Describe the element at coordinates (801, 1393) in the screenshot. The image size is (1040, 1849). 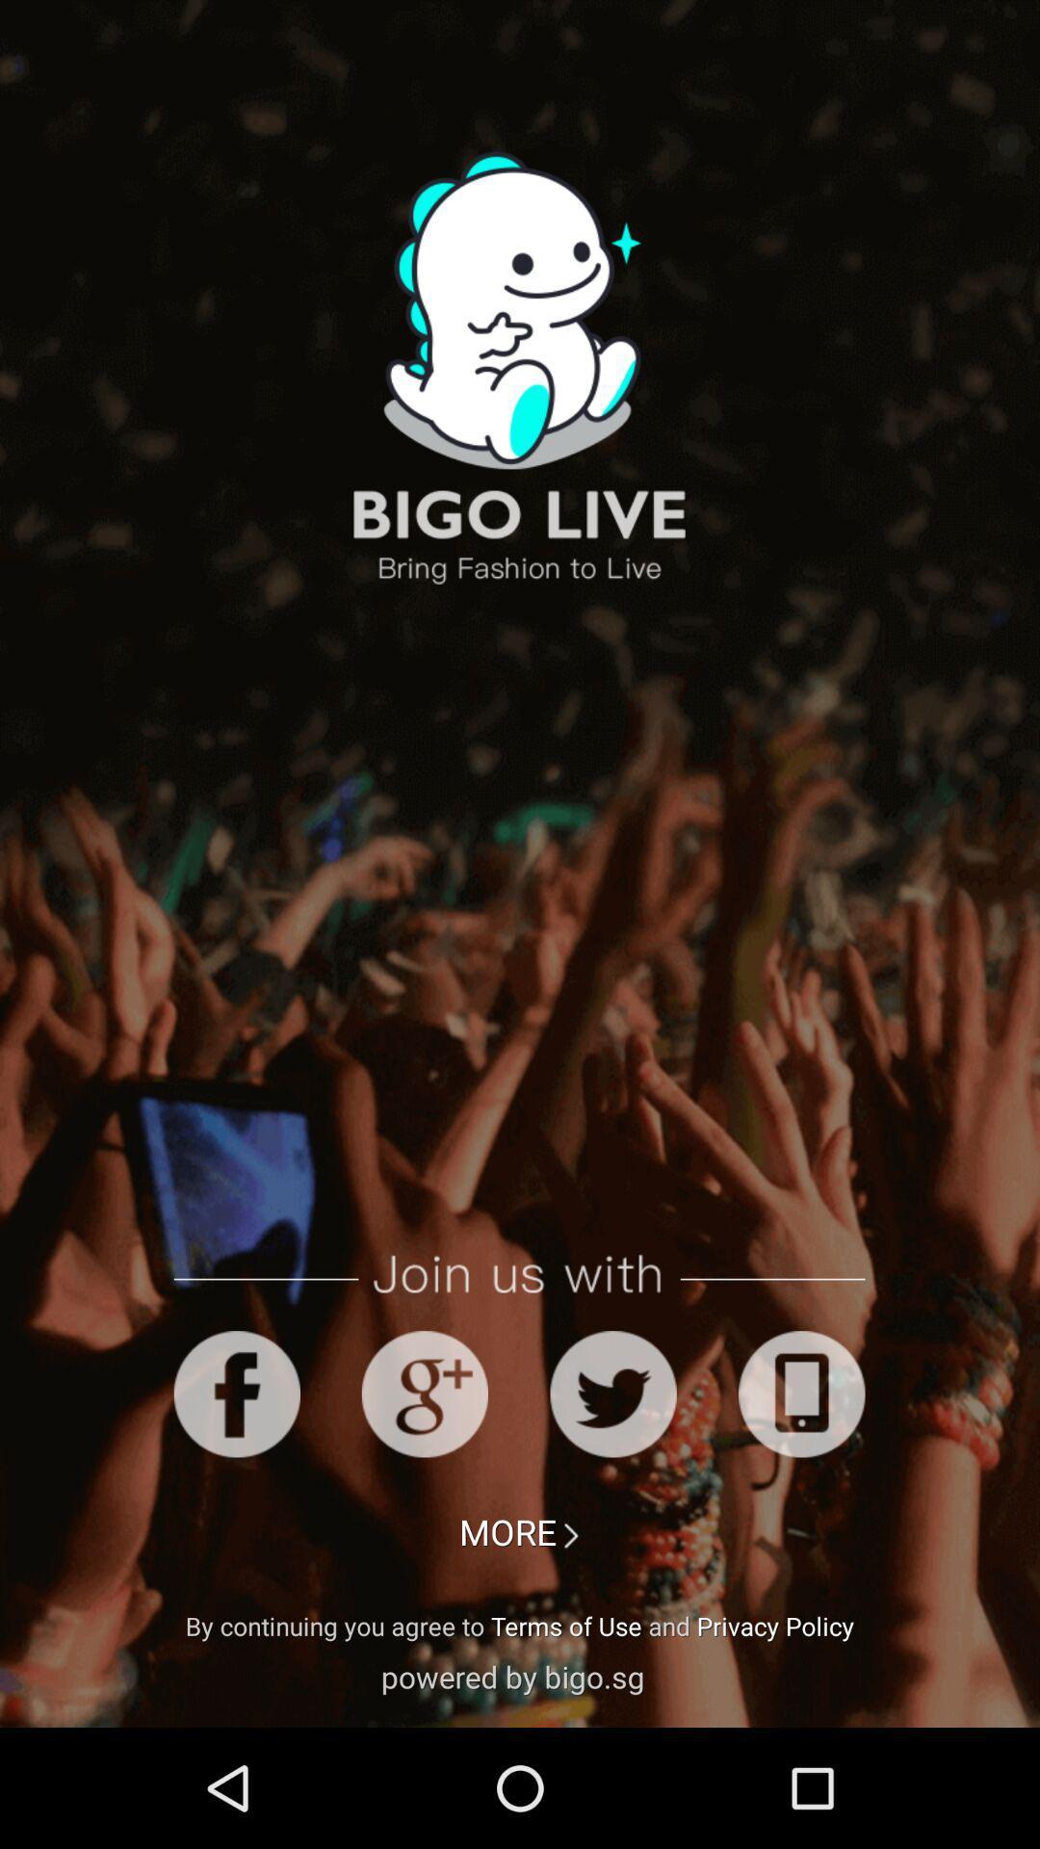
I see `login with phone` at that location.